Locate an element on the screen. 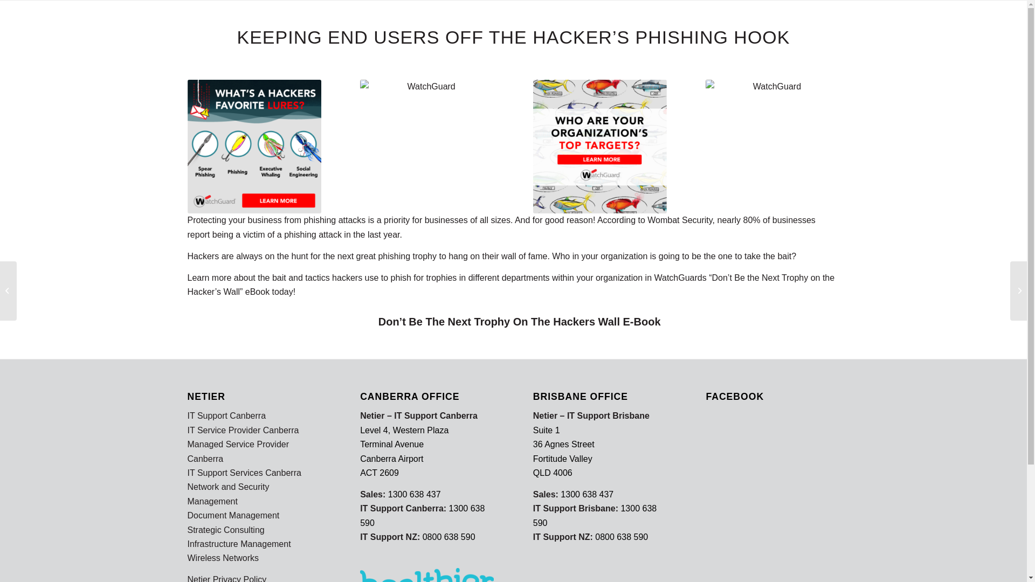 Image resolution: width=1035 pixels, height=582 pixels. 'WatchGuard' is located at coordinates (533, 147).